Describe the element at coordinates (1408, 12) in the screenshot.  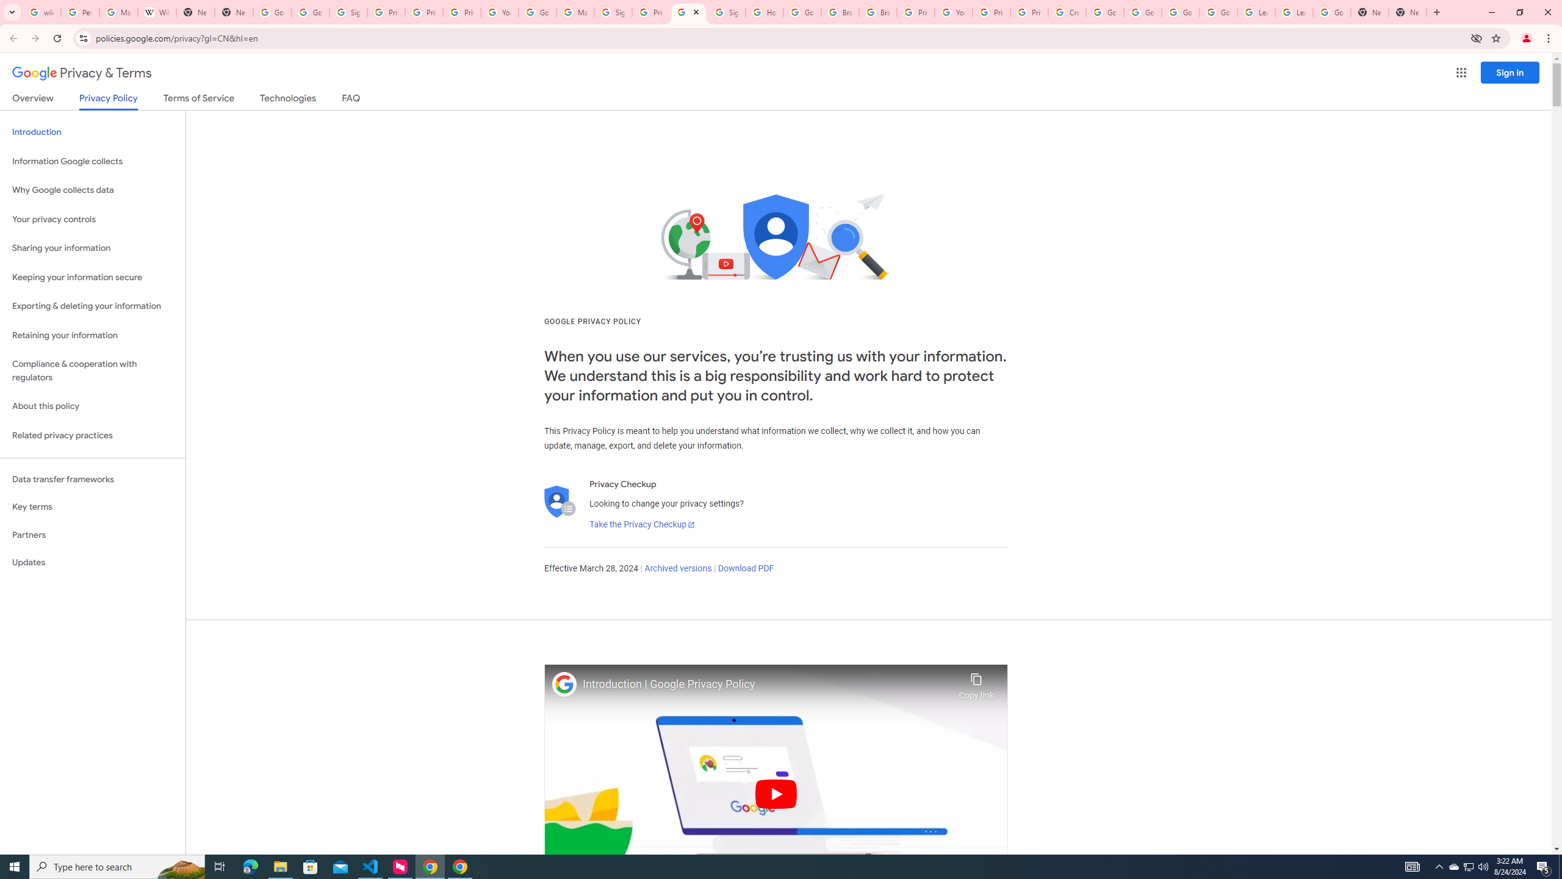
I see `'New Tab'` at that location.